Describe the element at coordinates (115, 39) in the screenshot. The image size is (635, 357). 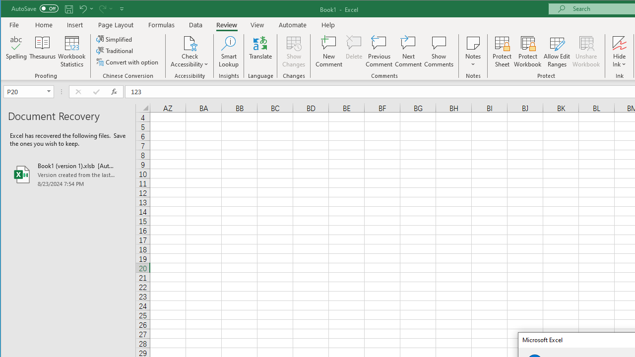
I see `'Simplified'` at that location.